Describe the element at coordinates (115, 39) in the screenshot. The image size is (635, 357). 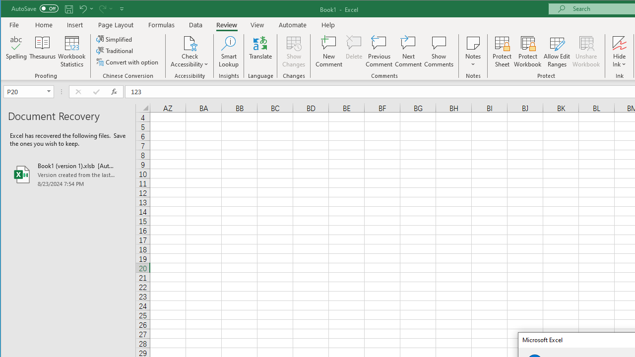
I see `'Simplified'` at that location.